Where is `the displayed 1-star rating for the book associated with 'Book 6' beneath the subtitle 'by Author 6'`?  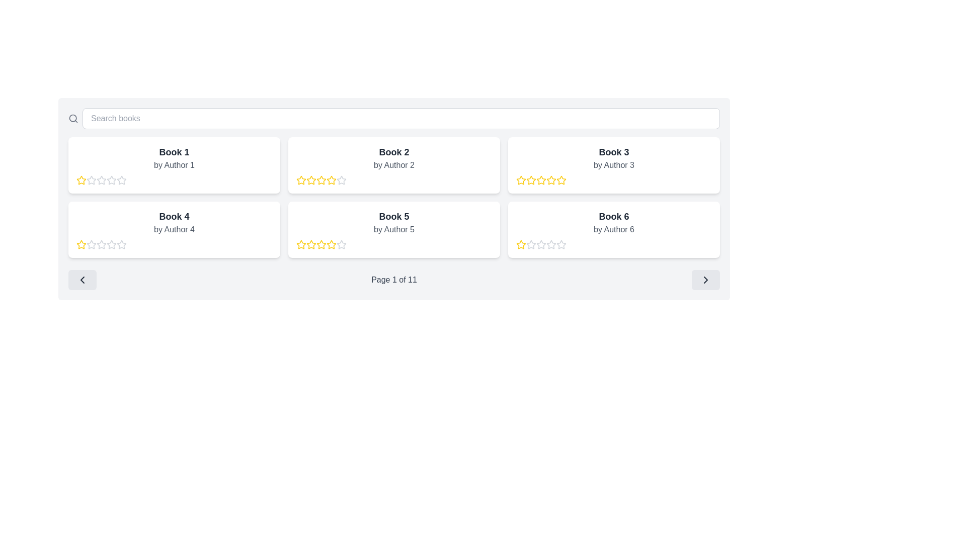 the displayed 1-star rating for the book associated with 'Book 6' beneath the subtitle 'by Author 6' is located at coordinates (613, 244).